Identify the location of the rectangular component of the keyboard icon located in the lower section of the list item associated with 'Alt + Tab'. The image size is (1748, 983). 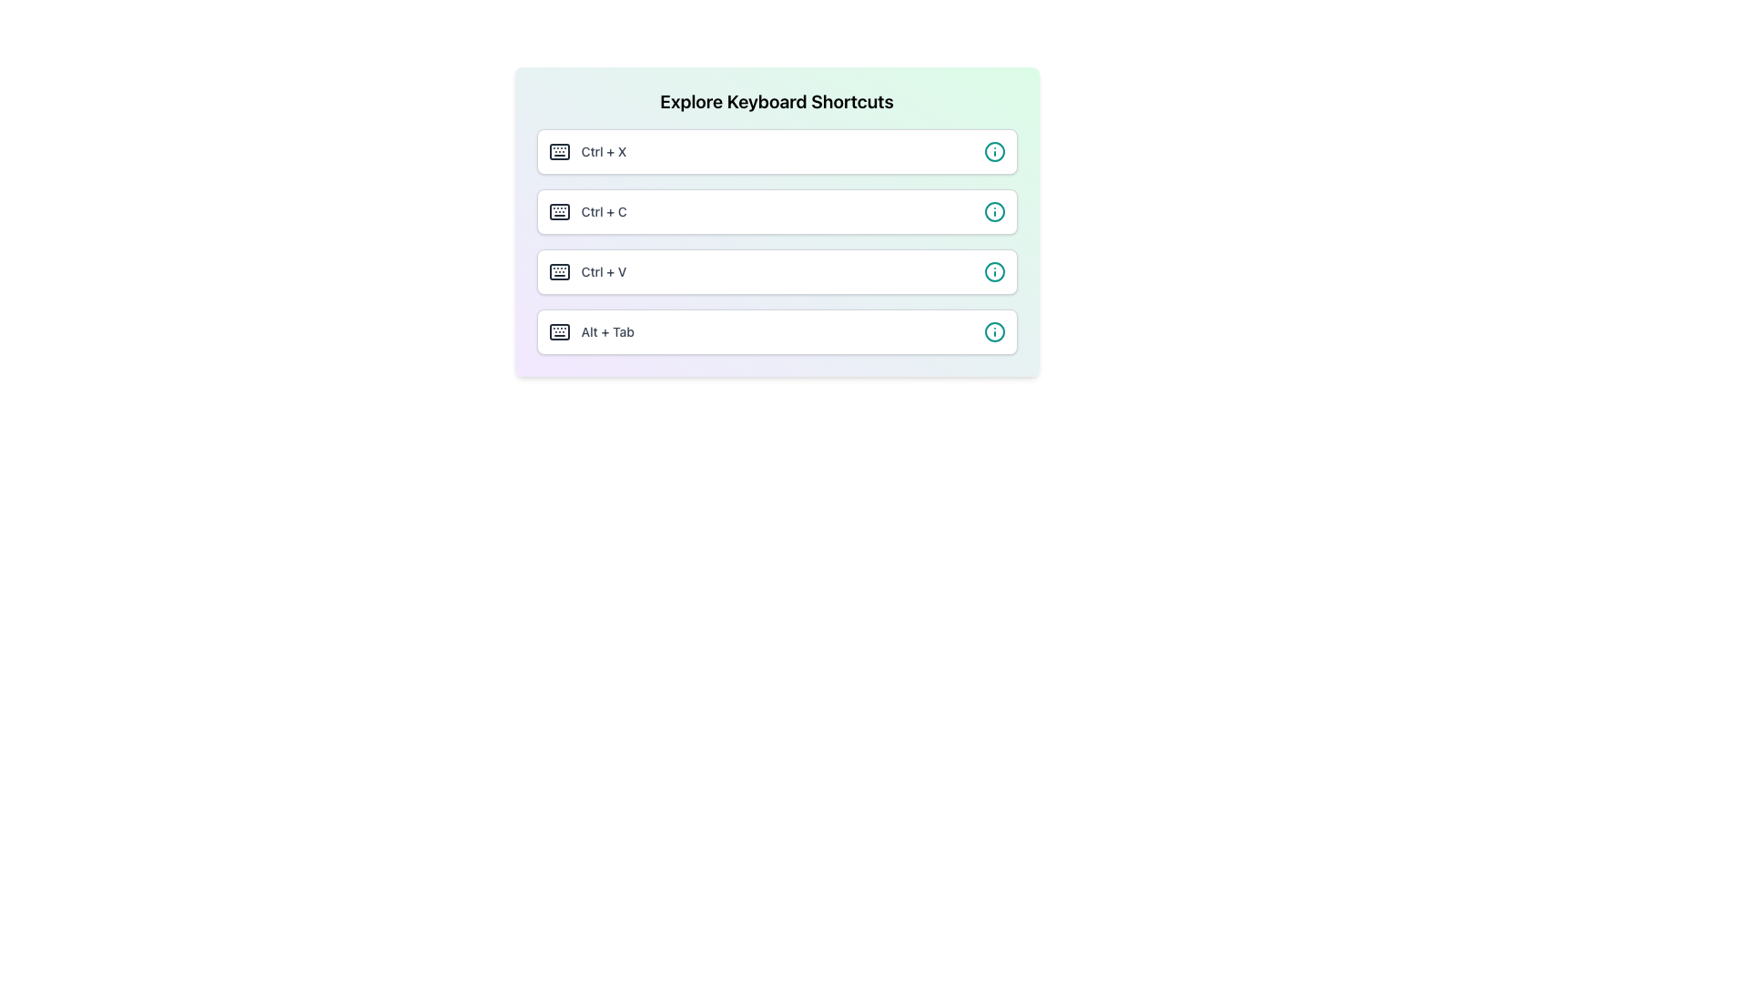
(558, 332).